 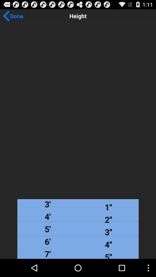 What do you see at coordinates (13, 16) in the screenshot?
I see `icon next to height item` at bounding box center [13, 16].